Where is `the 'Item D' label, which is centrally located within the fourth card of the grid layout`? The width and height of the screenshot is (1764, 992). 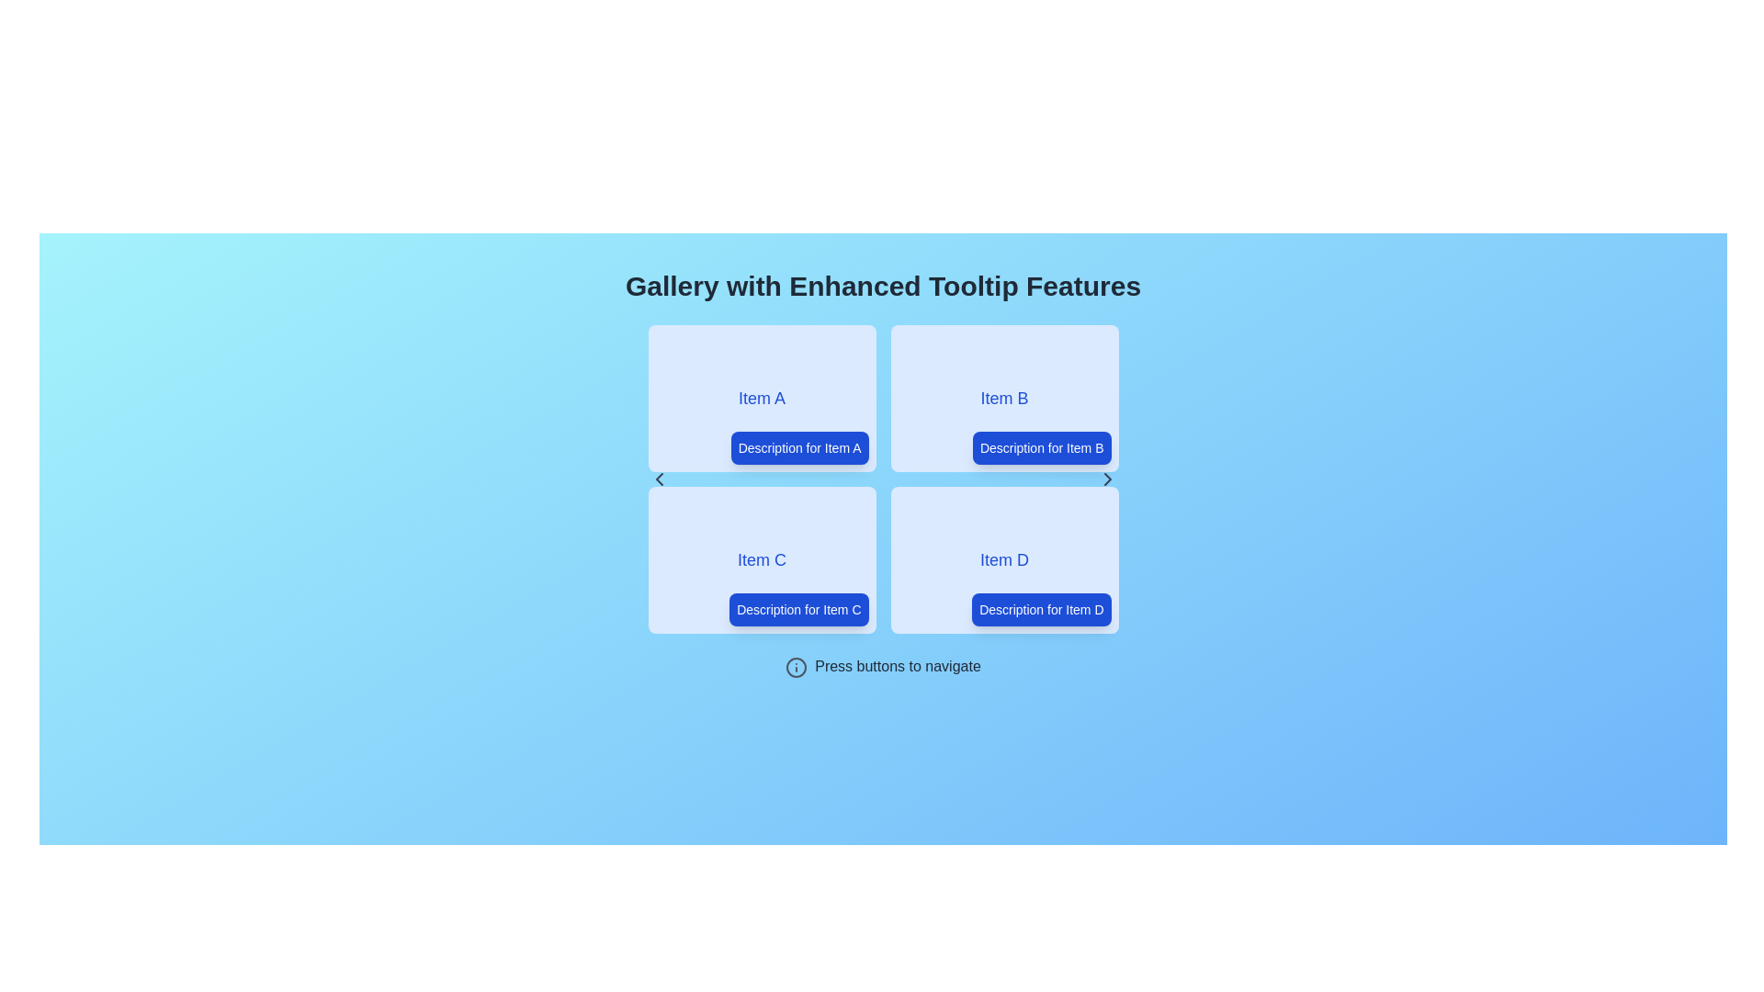
the 'Item D' label, which is centrally located within the fourth card of the grid layout is located at coordinates (1003, 558).